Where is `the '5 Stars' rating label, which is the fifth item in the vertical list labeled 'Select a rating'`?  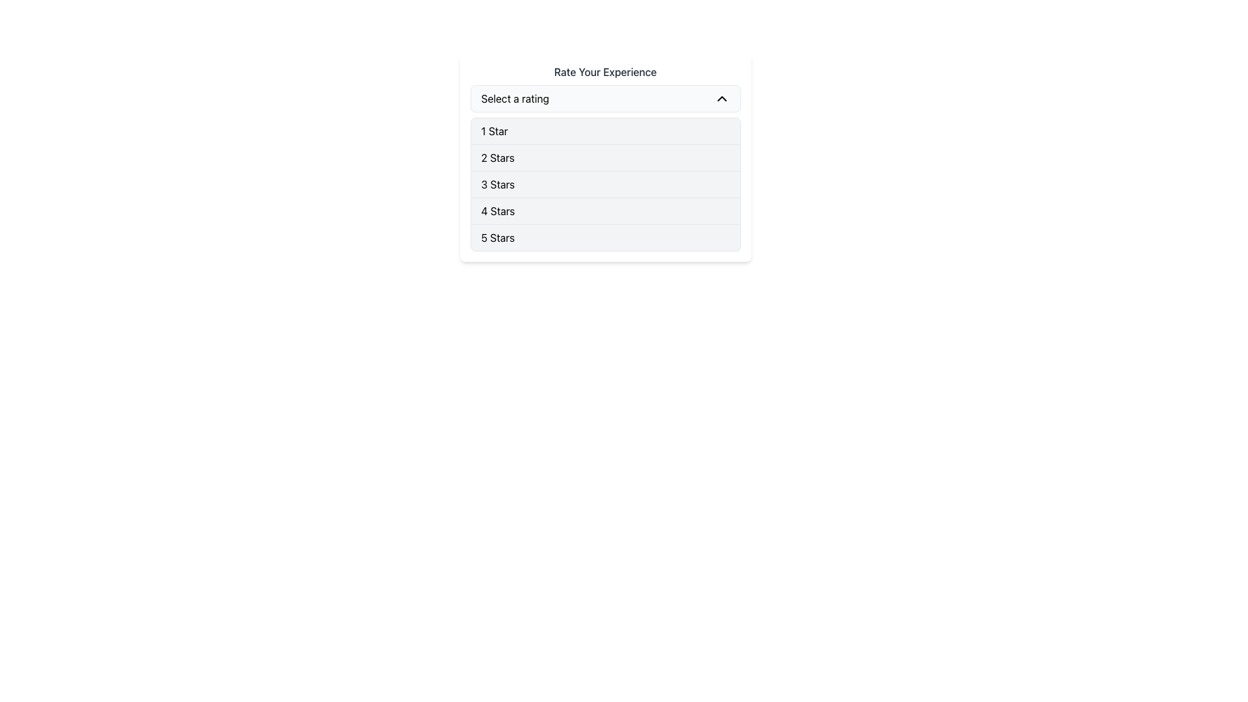 the '5 Stars' rating label, which is the fifth item in the vertical list labeled 'Select a rating' is located at coordinates (497, 238).